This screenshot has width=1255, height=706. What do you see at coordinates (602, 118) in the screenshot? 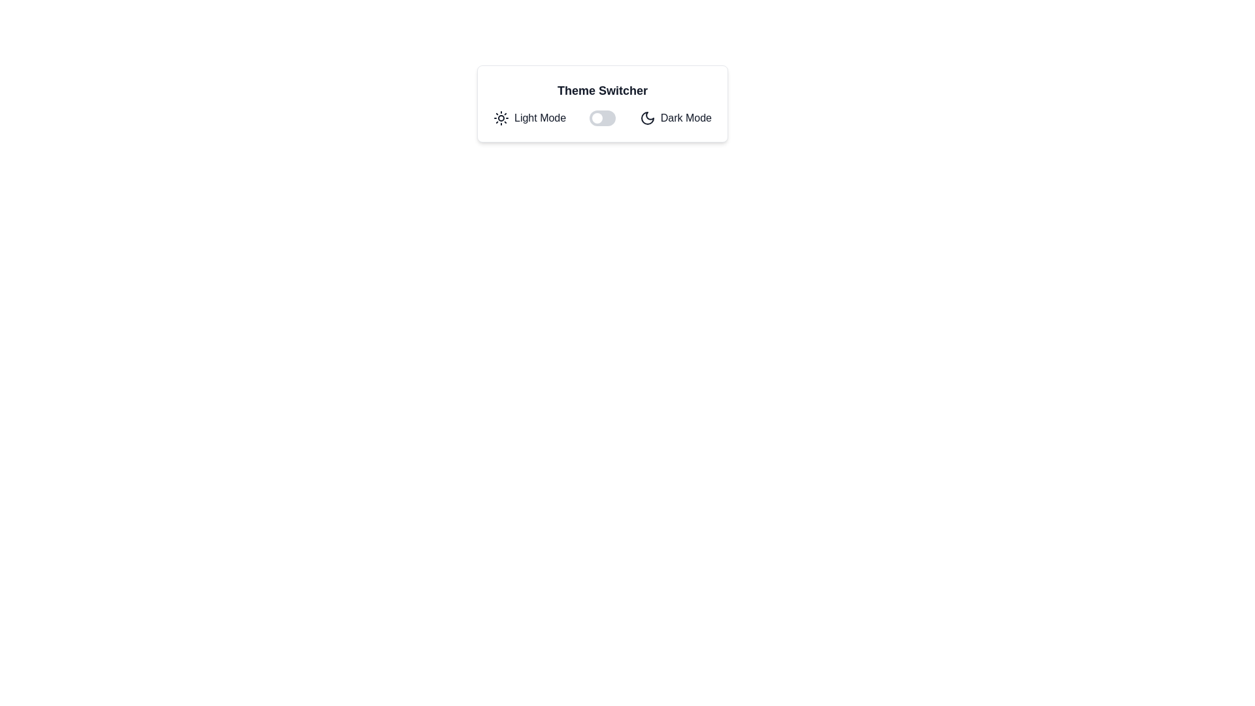
I see `the toggle switch located at the center of the 'Theme Switcher' UI component` at bounding box center [602, 118].